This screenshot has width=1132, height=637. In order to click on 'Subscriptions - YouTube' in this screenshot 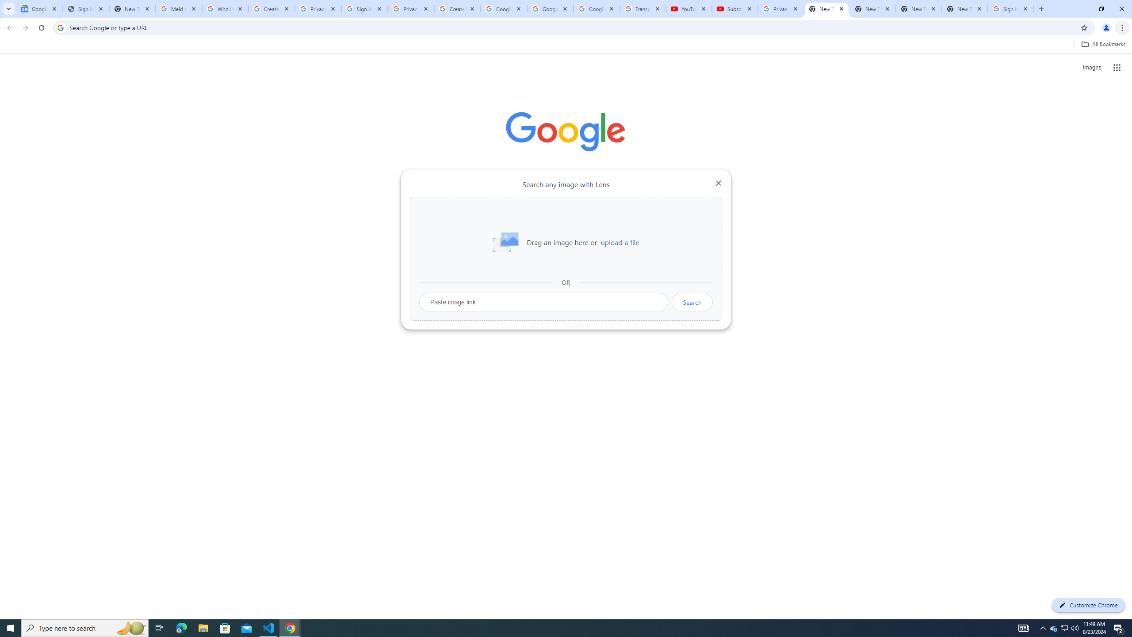, I will do `click(734, 8)`.